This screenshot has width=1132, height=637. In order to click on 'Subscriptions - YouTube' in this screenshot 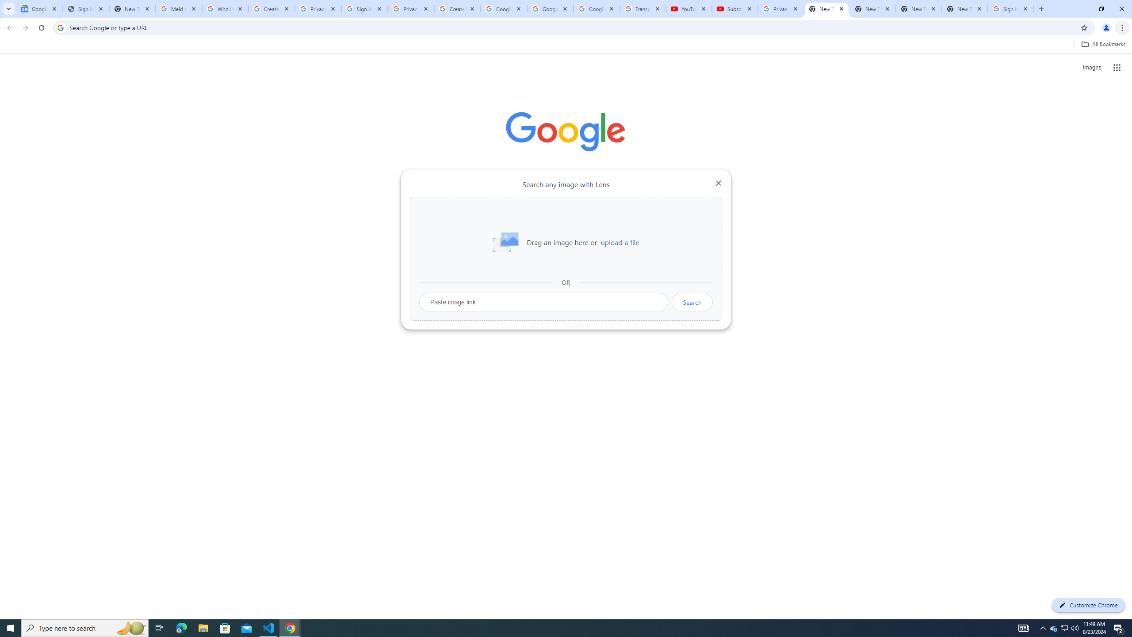, I will do `click(734, 8)`.